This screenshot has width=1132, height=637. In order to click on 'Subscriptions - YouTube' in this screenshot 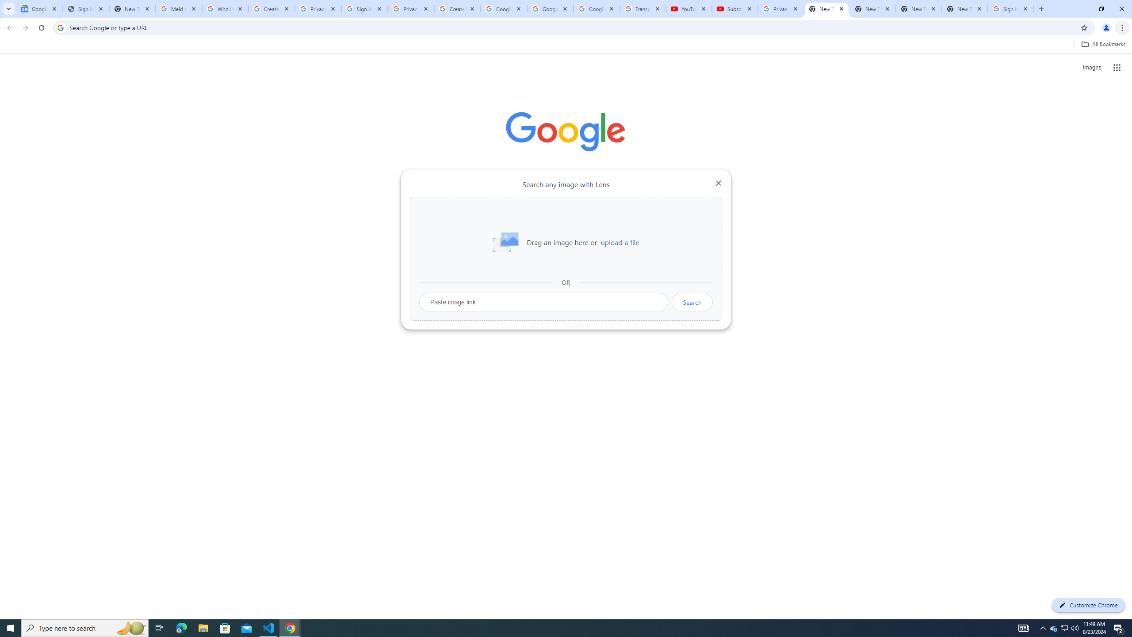, I will do `click(734, 8)`.